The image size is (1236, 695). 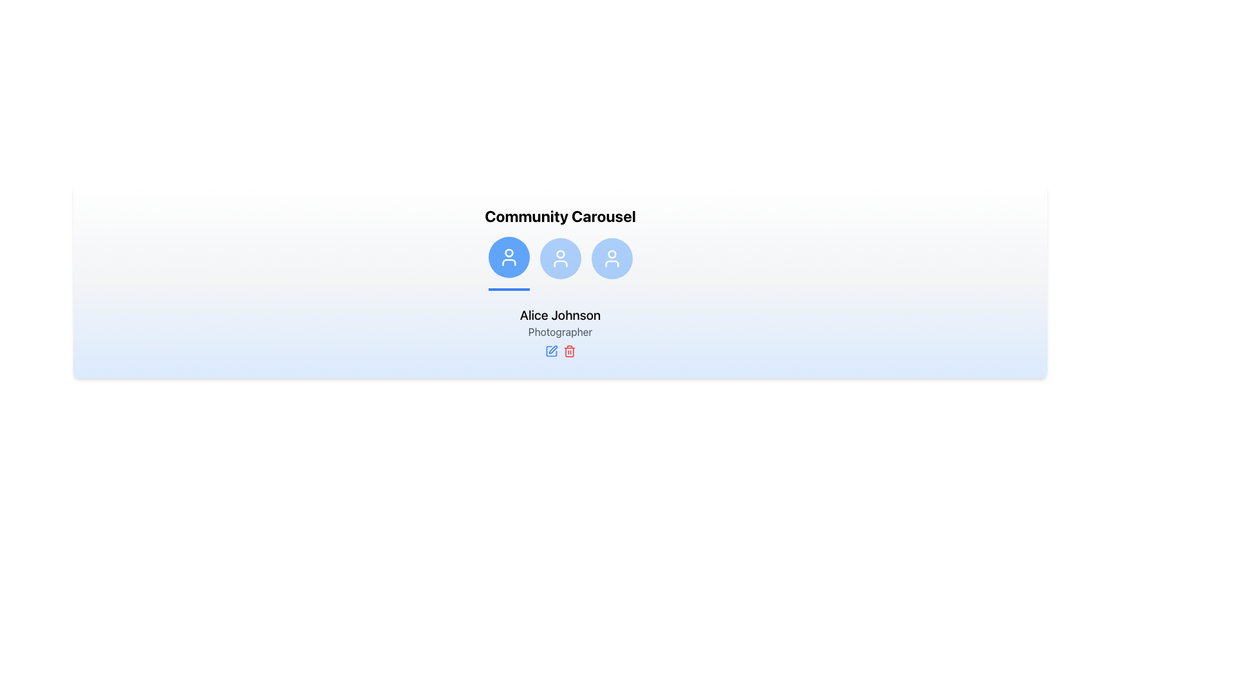 I want to click on the circular graphical component located at the top of the blue circular button in the first position of the button group below 'Community Carousel', so click(x=508, y=253).